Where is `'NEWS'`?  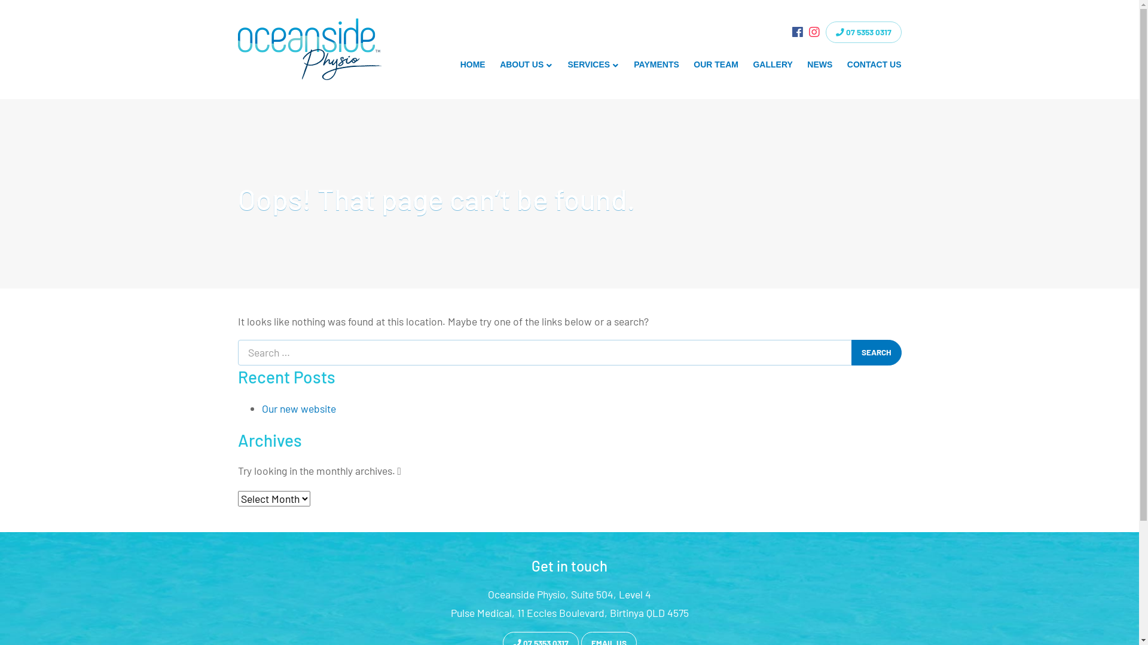 'NEWS' is located at coordinates (819, 64).